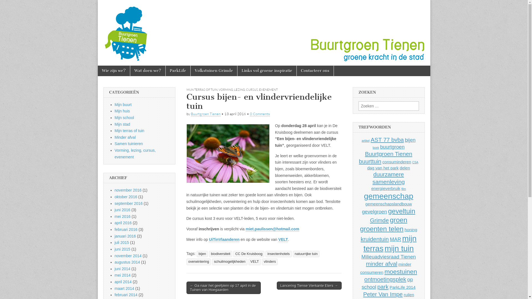 This screenshot has height=299, width=532. What do you see at coordinates (385, 268) in the screenshot?
I see `'minder consumeren'` at bounding box center [385, 268].